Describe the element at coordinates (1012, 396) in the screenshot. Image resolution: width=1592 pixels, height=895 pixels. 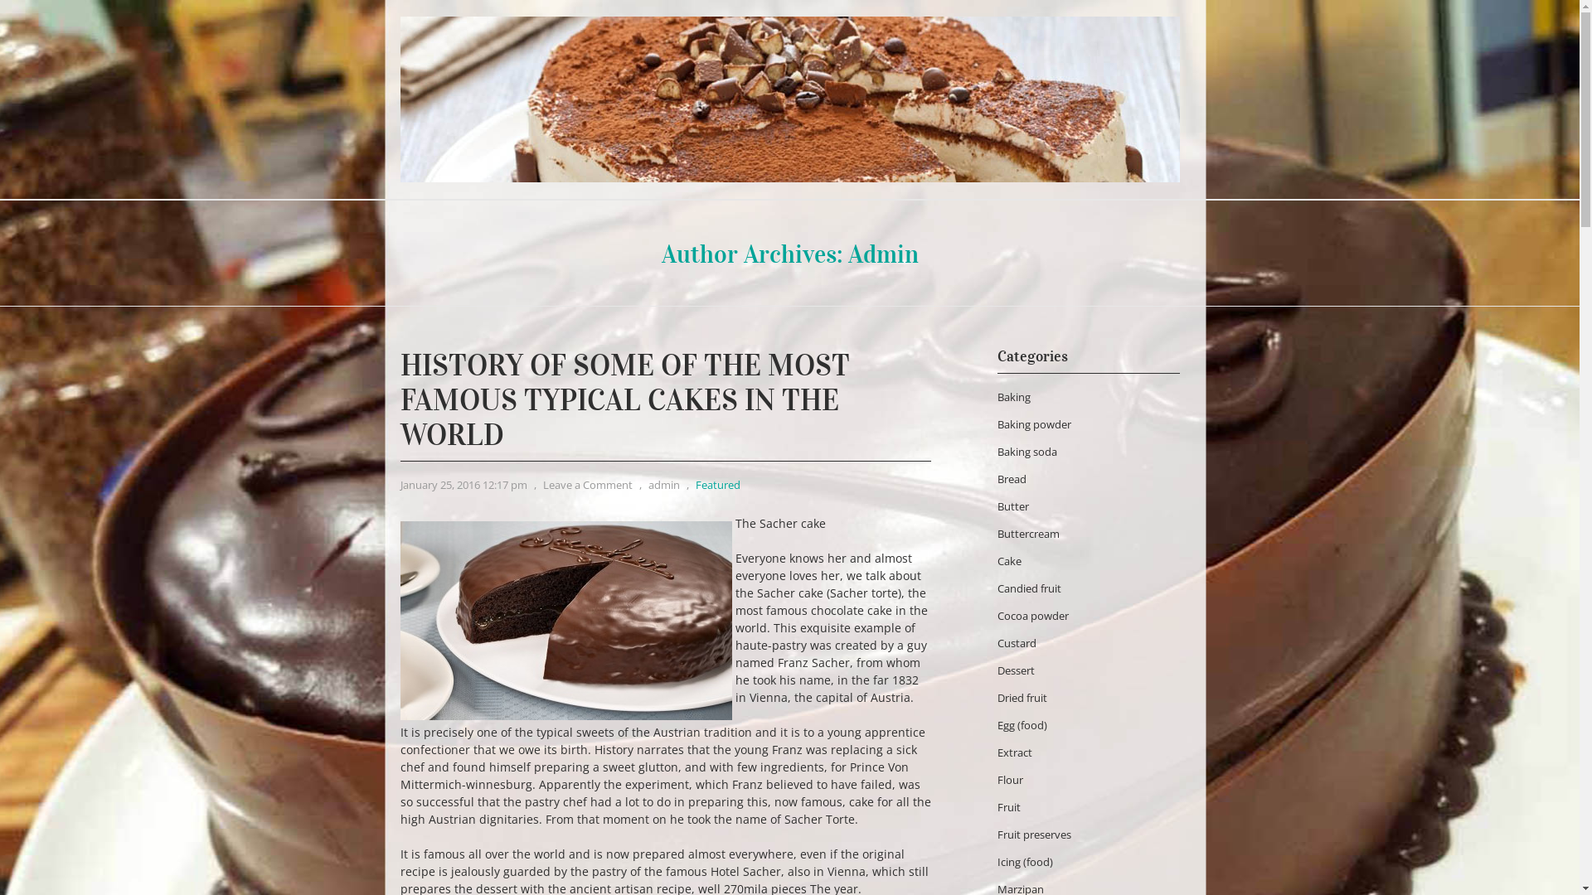
I see `'Baking'` at that location.